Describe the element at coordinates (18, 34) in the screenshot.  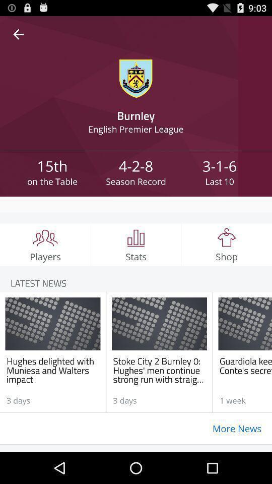
I see `the icon at the top left corner` at that location.